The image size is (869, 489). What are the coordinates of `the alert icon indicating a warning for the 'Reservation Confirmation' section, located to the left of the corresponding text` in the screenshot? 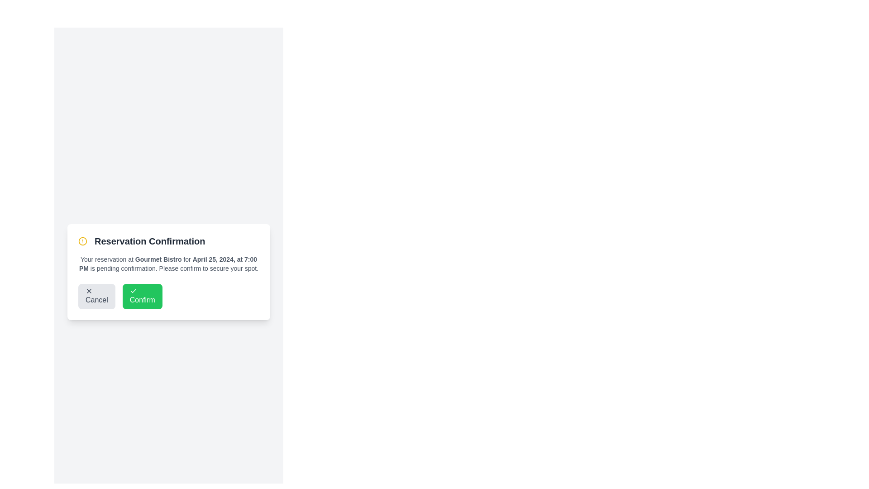 It's located at (82, 240).